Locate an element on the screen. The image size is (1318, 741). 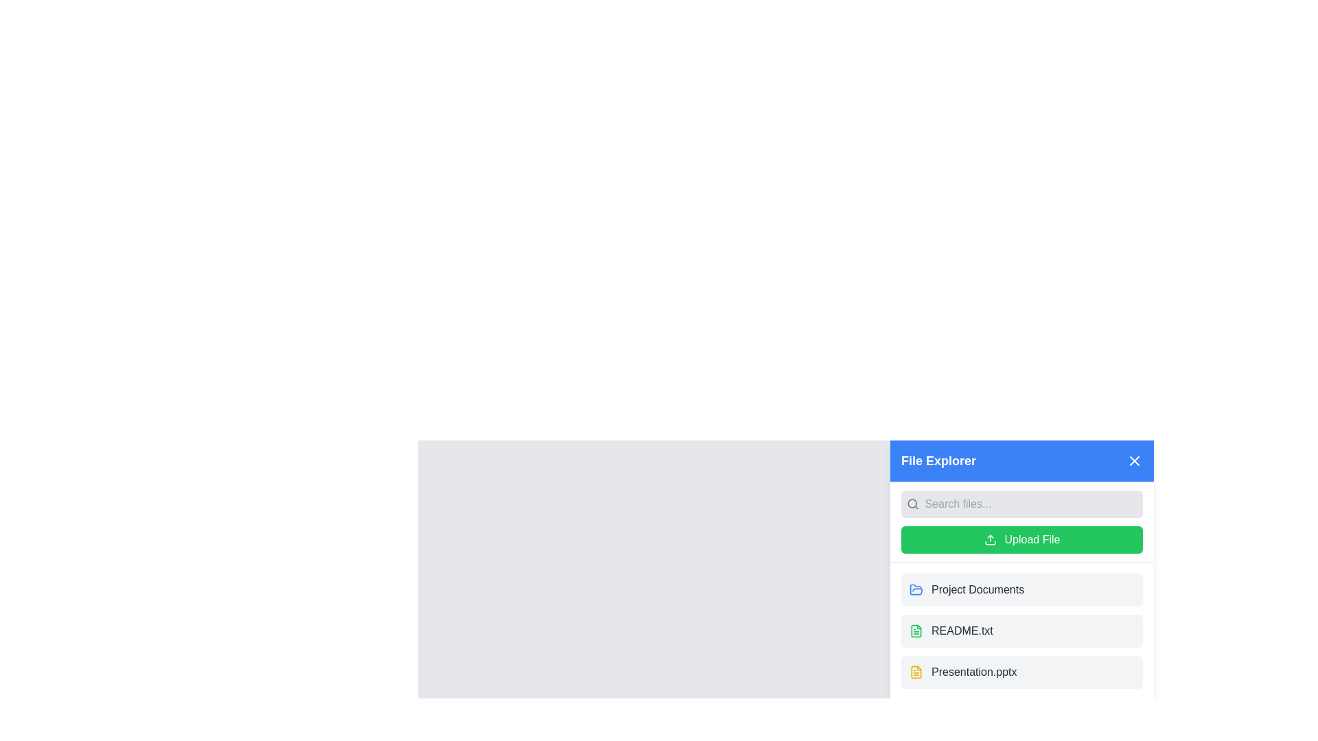
the SVG circle graphic that is part of the search icon in the 'File Explorer' panel, located at the top of the sidebar is located at coordinates (912, 504).